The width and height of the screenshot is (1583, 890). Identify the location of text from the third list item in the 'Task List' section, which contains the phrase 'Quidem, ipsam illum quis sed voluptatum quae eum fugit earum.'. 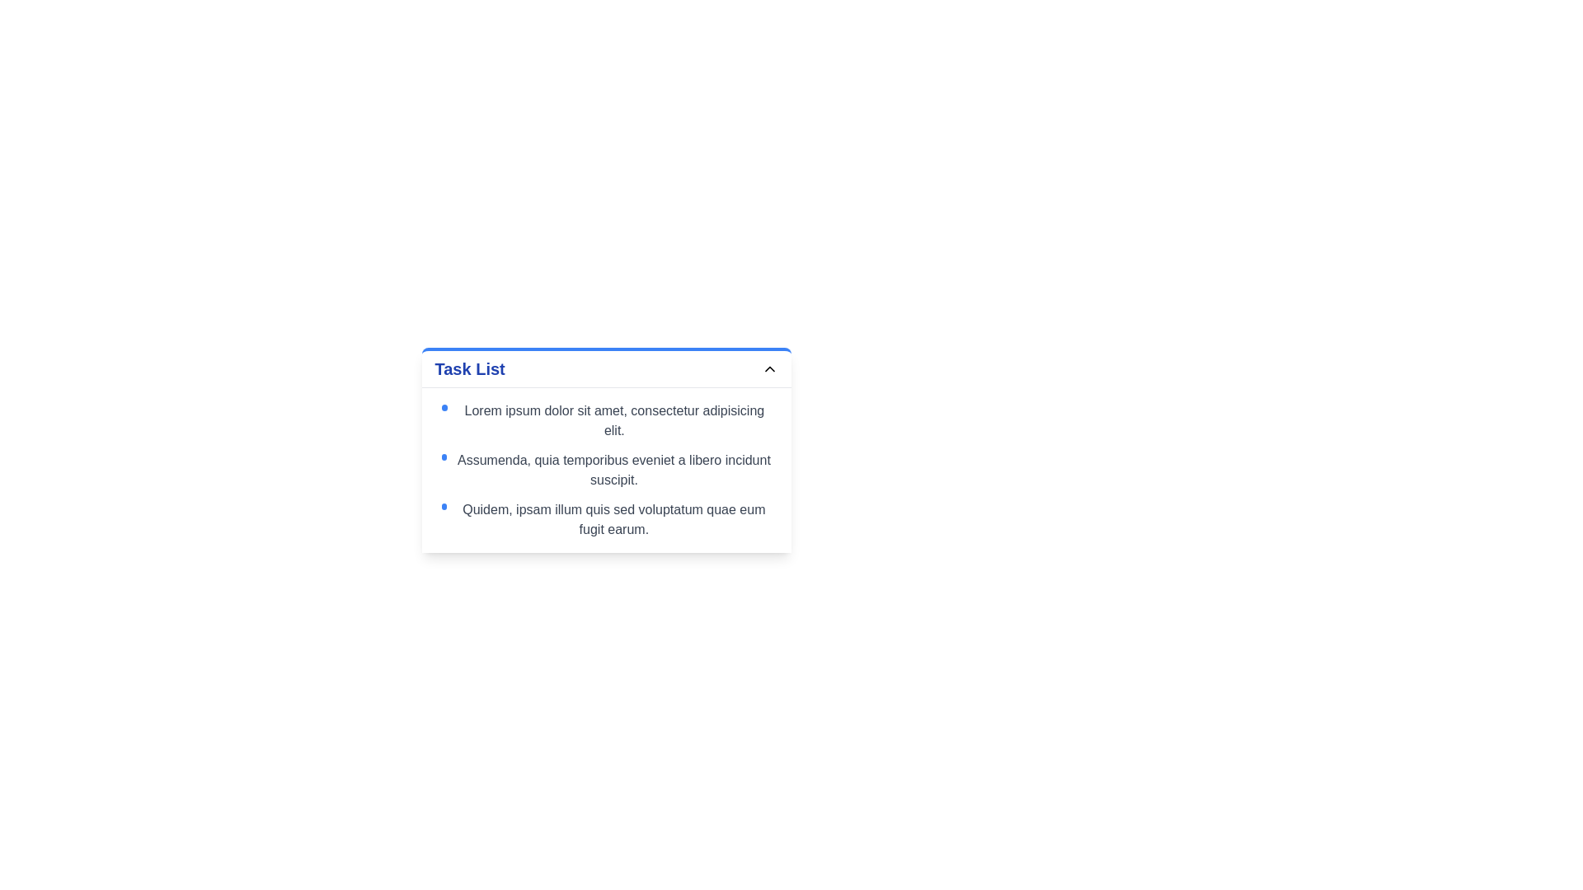
(605, 520).